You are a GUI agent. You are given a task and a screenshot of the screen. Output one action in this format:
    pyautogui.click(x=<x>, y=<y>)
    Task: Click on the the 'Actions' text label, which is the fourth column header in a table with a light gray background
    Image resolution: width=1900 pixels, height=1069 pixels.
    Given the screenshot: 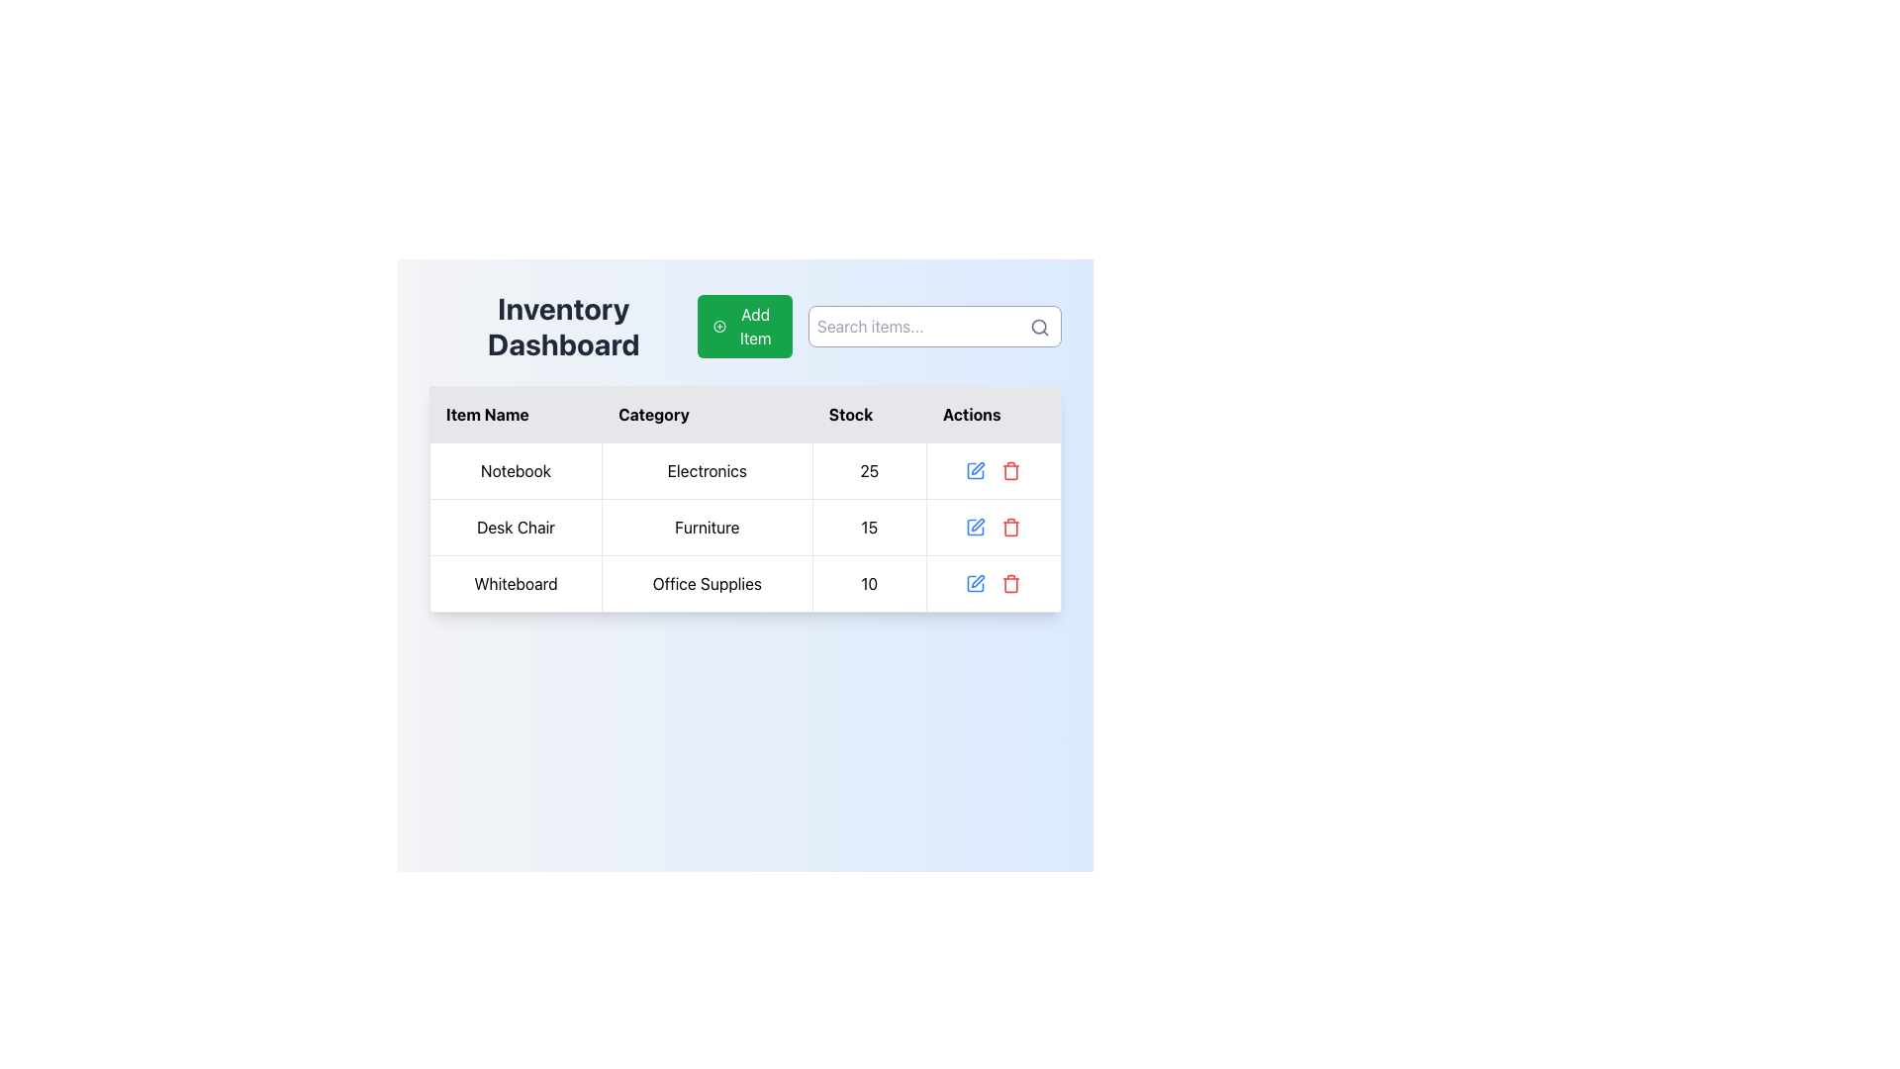 What is the action you would take?
    pyautogui.click(x=994, y=414)
    